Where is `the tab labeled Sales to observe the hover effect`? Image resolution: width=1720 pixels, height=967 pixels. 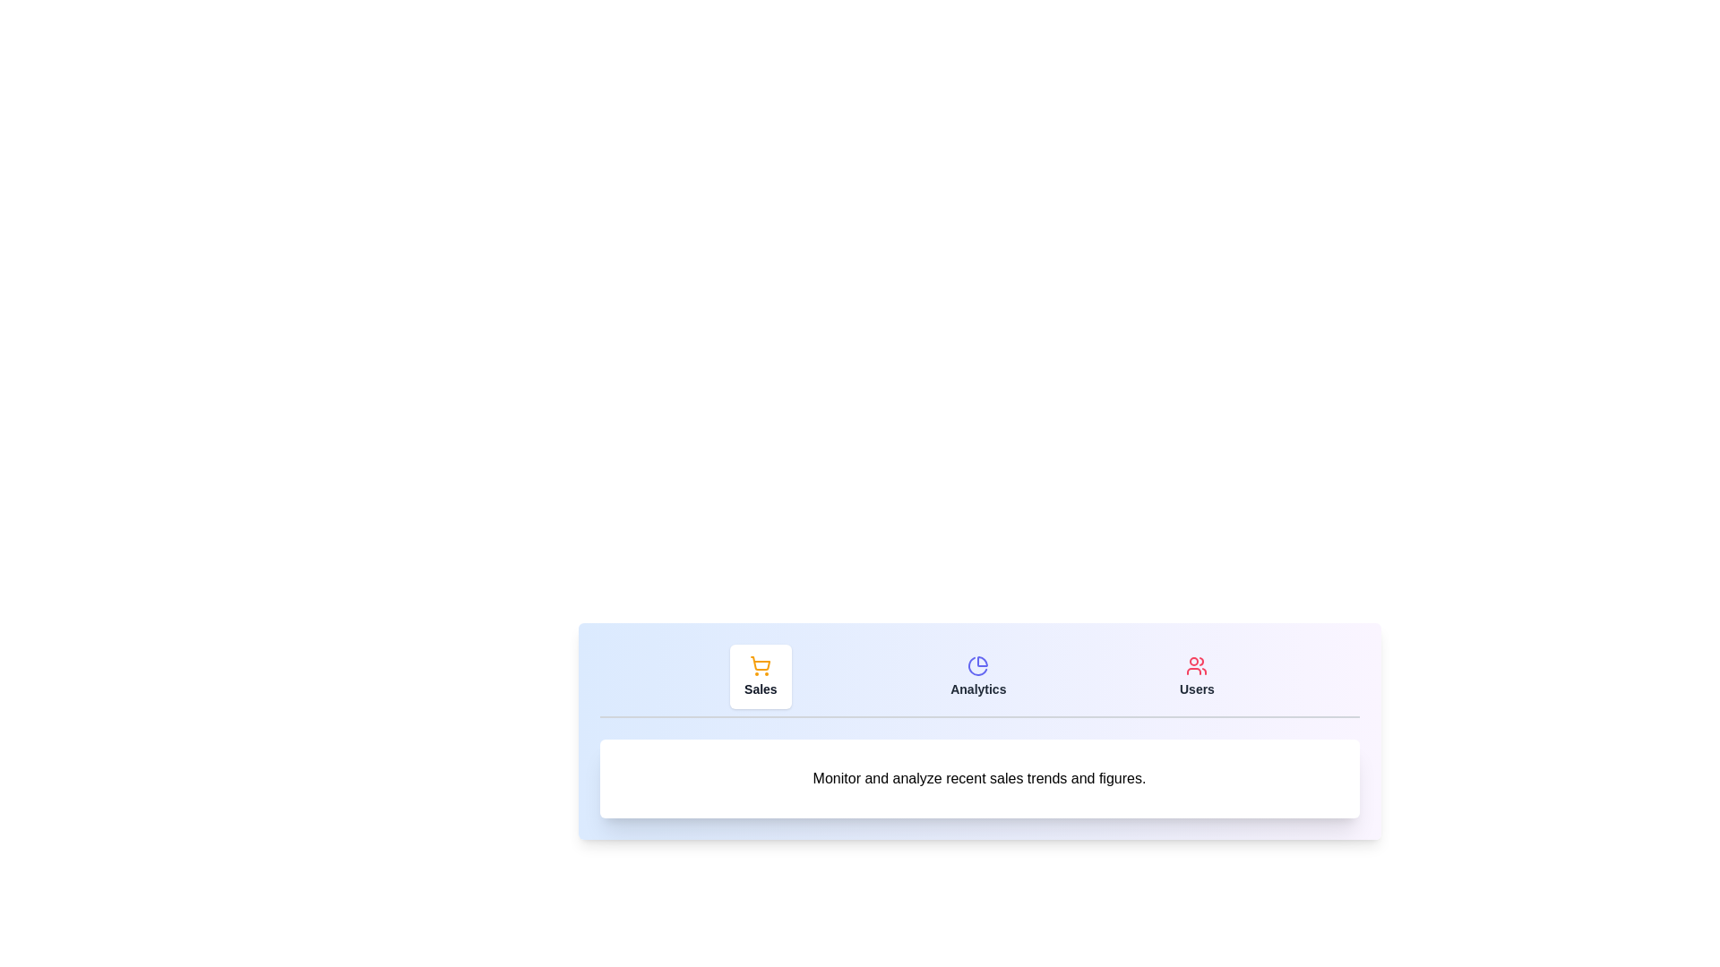
the tab labeled Sales to observe the hover effect is located at coordinates (761, 677).